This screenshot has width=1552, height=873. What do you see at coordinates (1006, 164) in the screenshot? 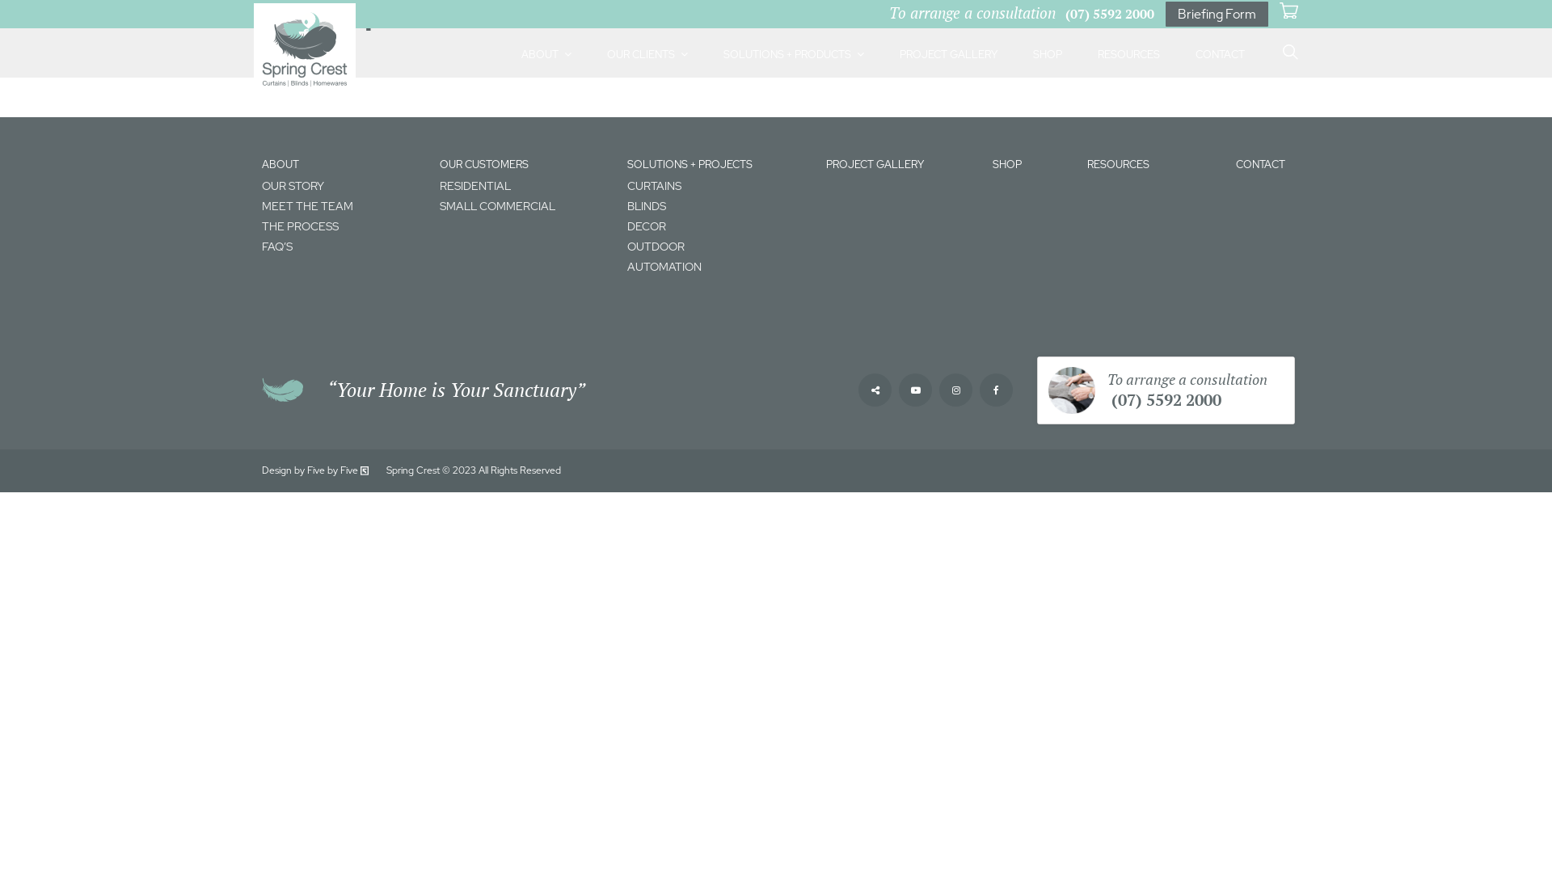
I see `'SHOP'` at bounding box center [1006, 164].